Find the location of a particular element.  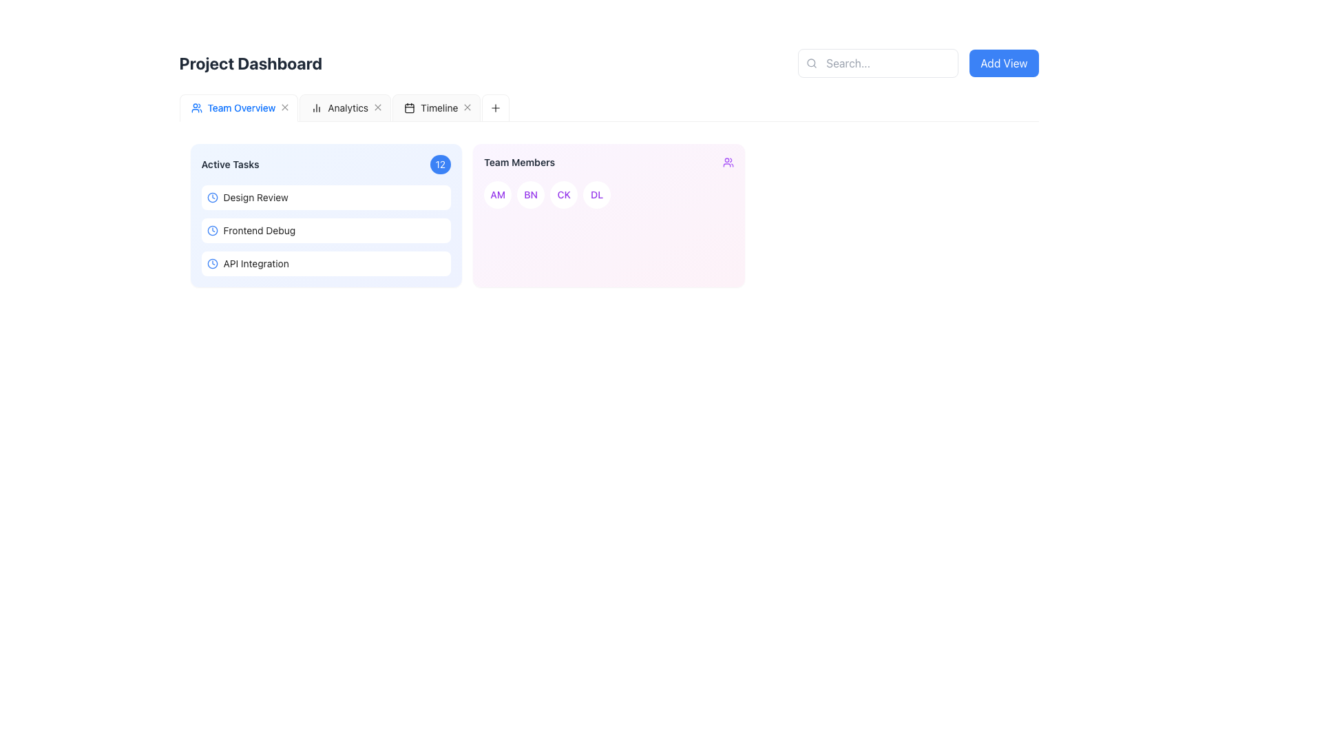

the 'Analytics' navigation tab located centrally below the 'Project Dashboard' header is located at coordinates (348, 107).